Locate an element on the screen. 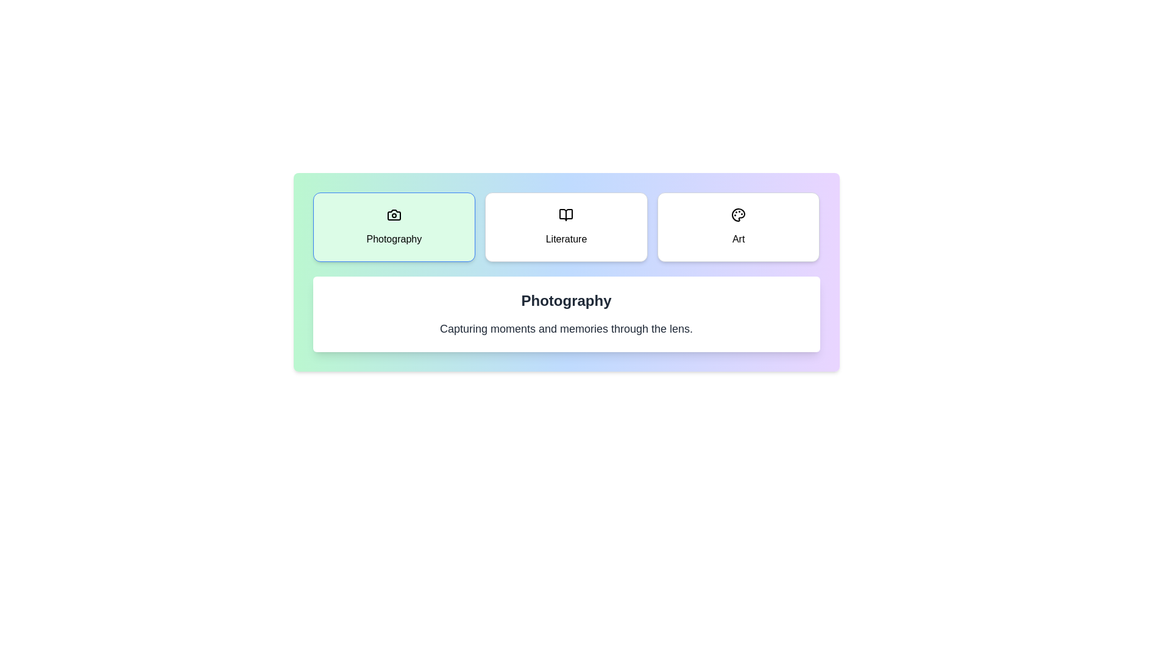  the Art category icon located at the upper center of the Art card, which is the rightmost card in a row of three cards (Photography, Literature, Art) is located at coordinates (738, 214).